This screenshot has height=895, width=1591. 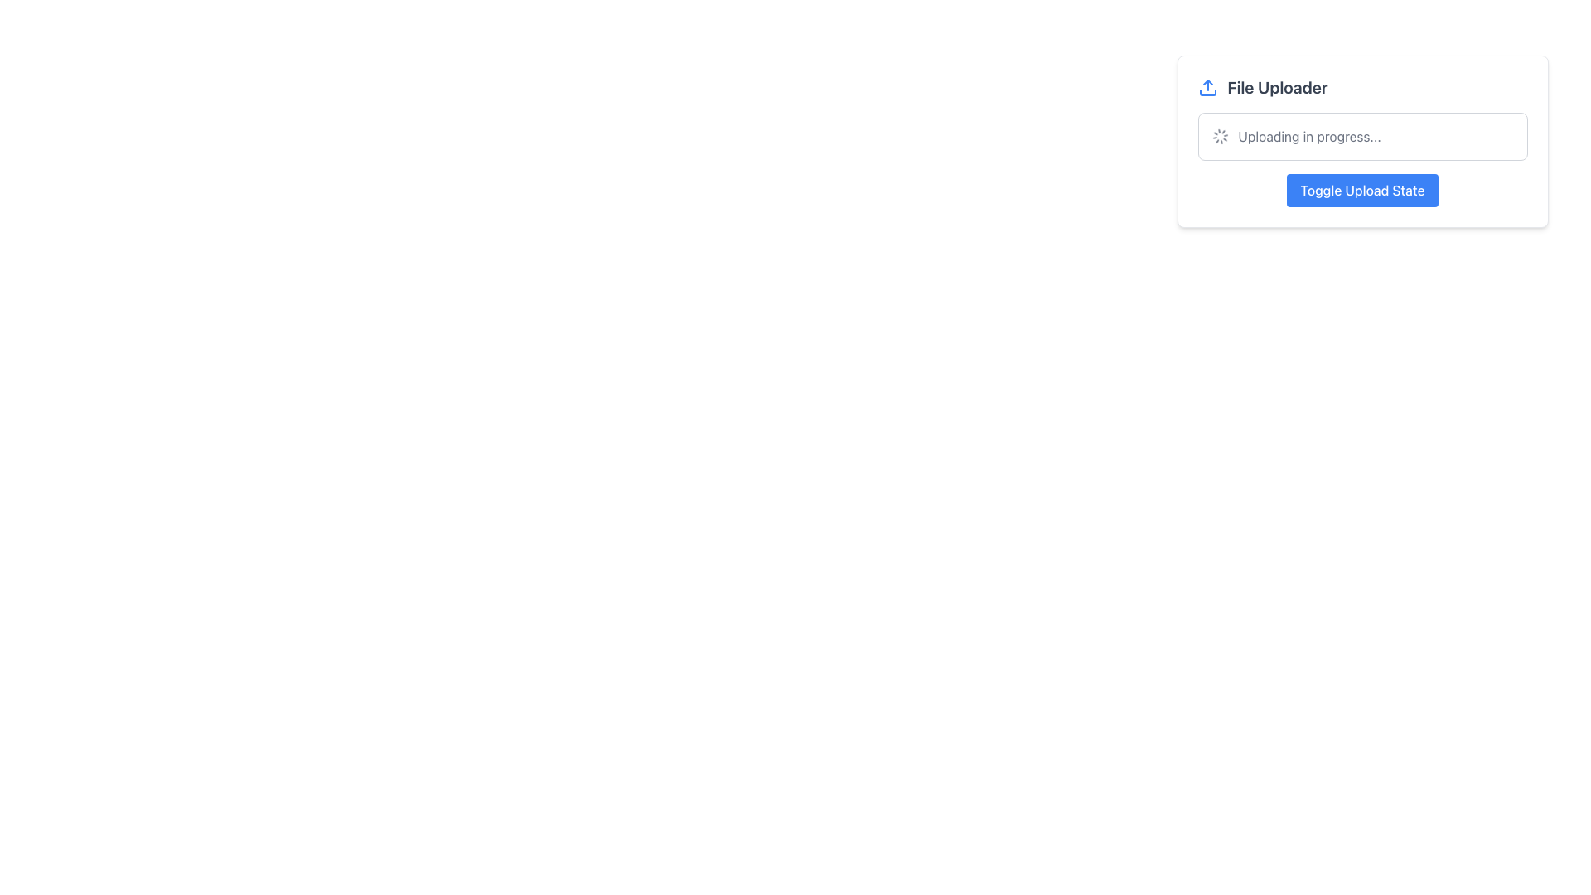 I want to click on the toggle button located beneath the text 'Uploading in progress...' inside the 'File Uploader' box, so click(x=1362, y=190).